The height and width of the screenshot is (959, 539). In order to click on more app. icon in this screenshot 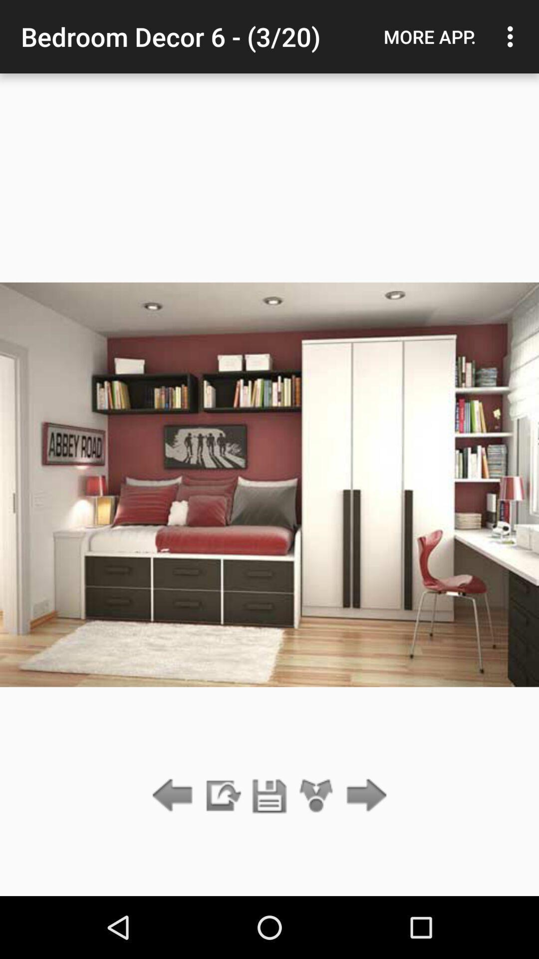, I will do `click(429, 36)`.